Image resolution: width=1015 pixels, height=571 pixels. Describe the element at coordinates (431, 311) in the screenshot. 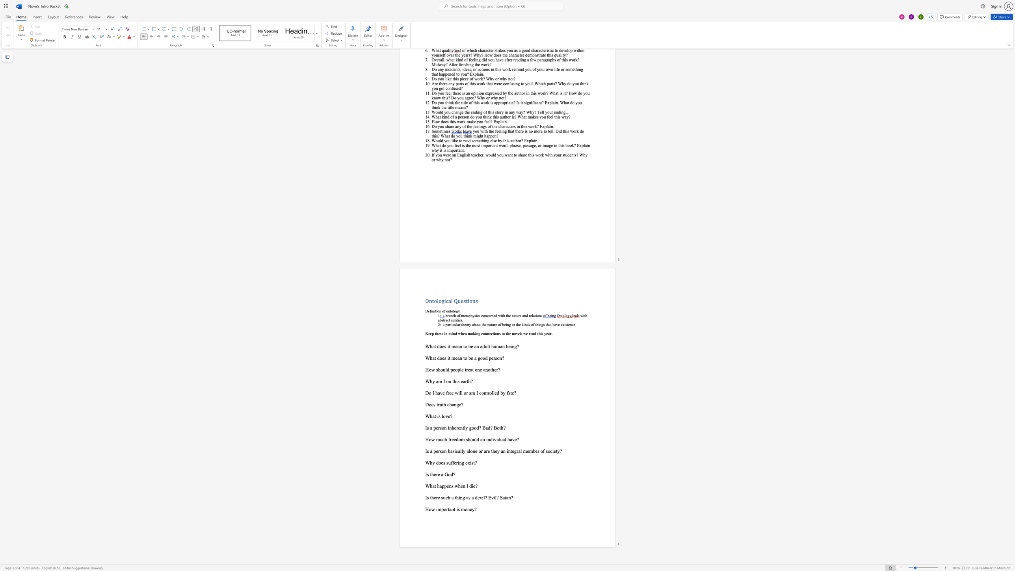

I see `the 1th character "i" in the text` at that location.